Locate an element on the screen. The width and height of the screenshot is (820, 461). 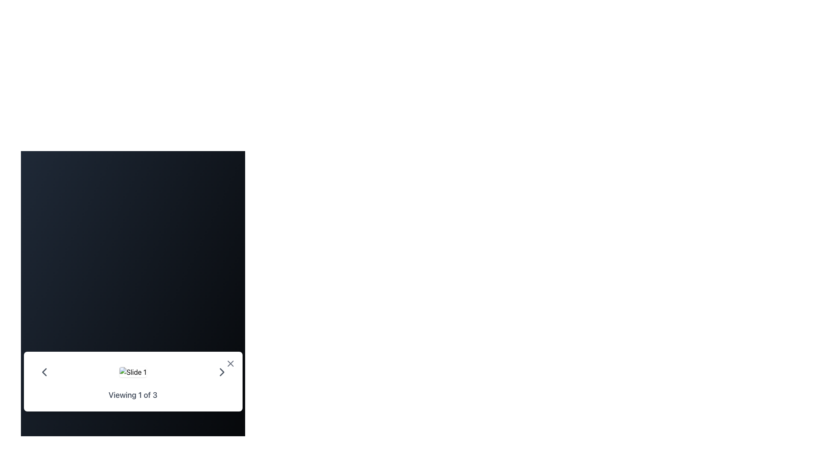
the left-facing arrow icon button styled with a chevron design is located at coordinates (44, 371).